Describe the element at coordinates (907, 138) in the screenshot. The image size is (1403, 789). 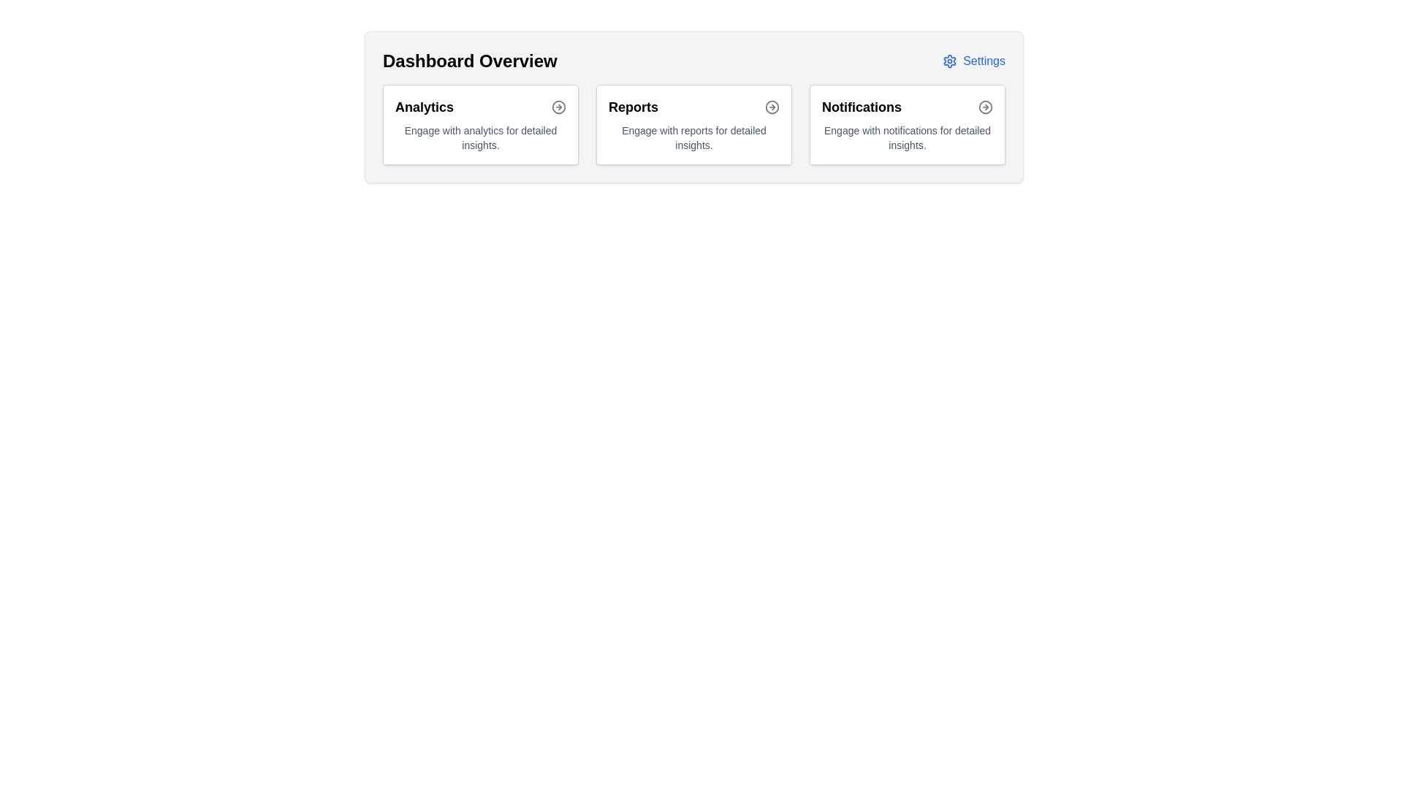
I see `text content of the element displaying 'Engage with notifications for detailed insights.' which is located below the 'Notifications' heading` at that location.